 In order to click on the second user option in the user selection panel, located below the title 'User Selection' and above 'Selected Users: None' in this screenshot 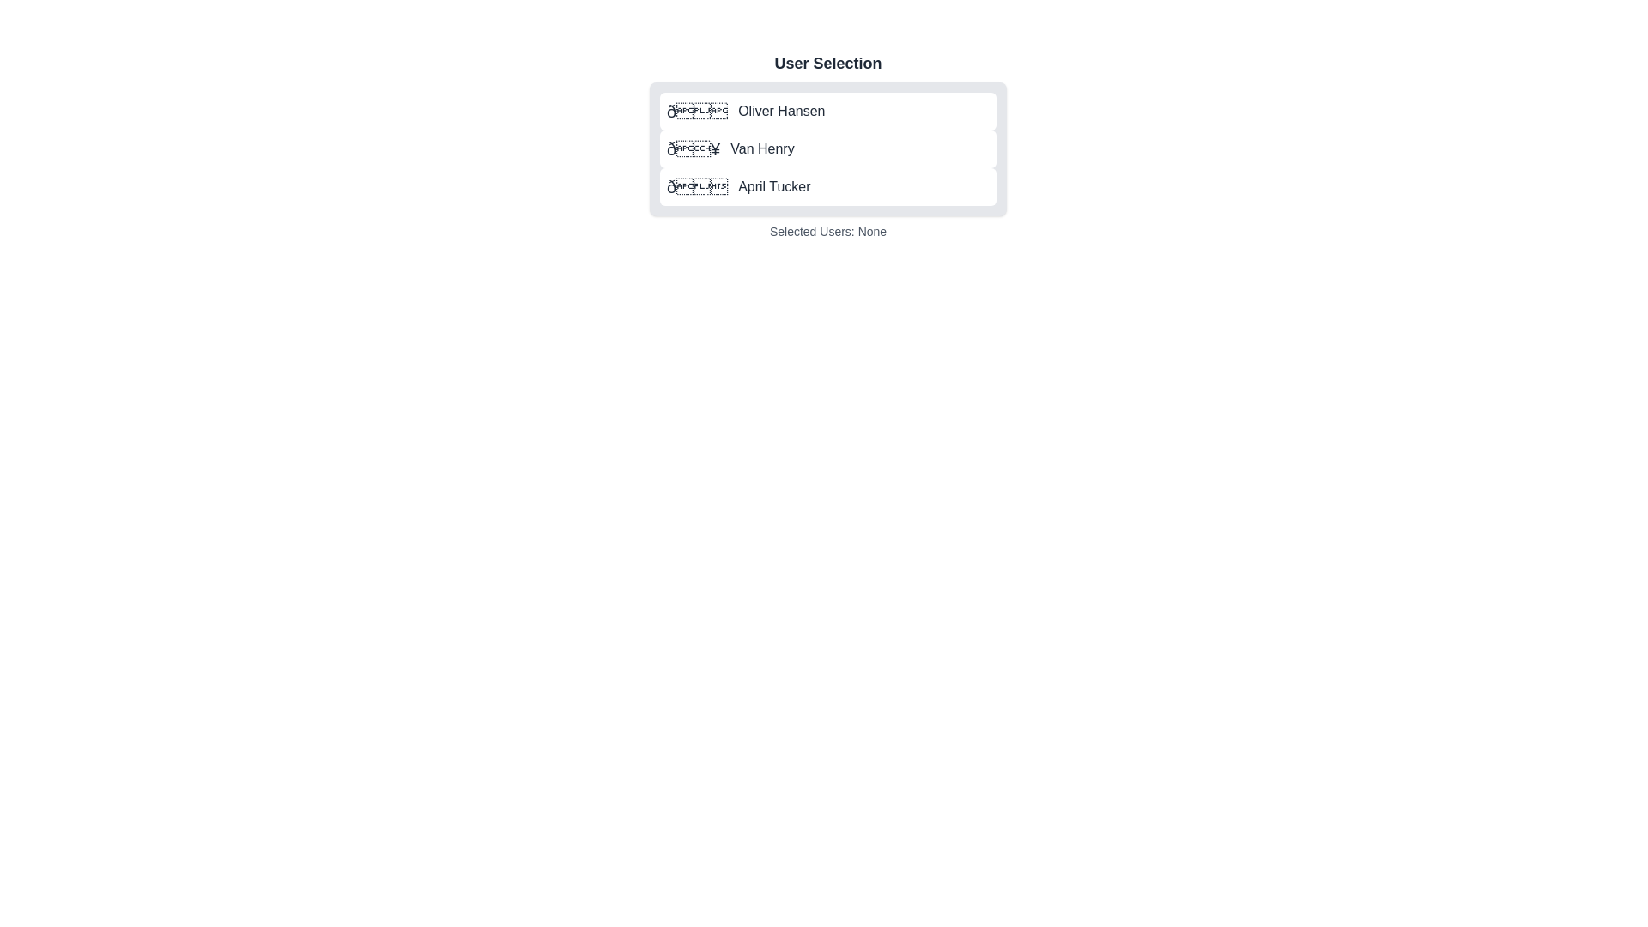, I will do `click(827, 148)`.